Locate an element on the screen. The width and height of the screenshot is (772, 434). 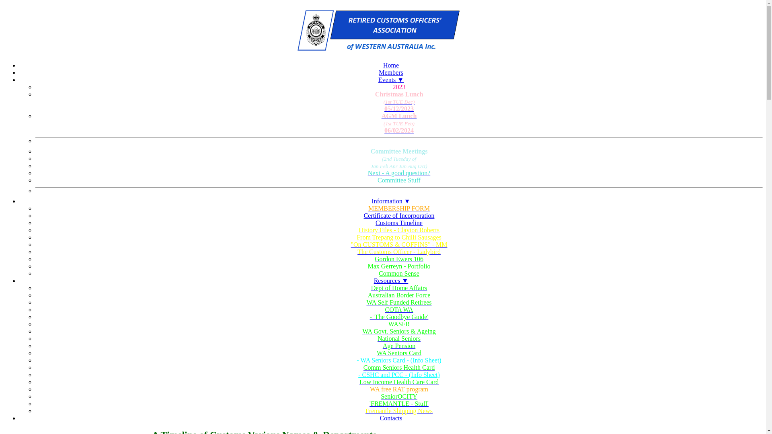
'Gordon Ewers 106' is located at coordinates (399, 259).